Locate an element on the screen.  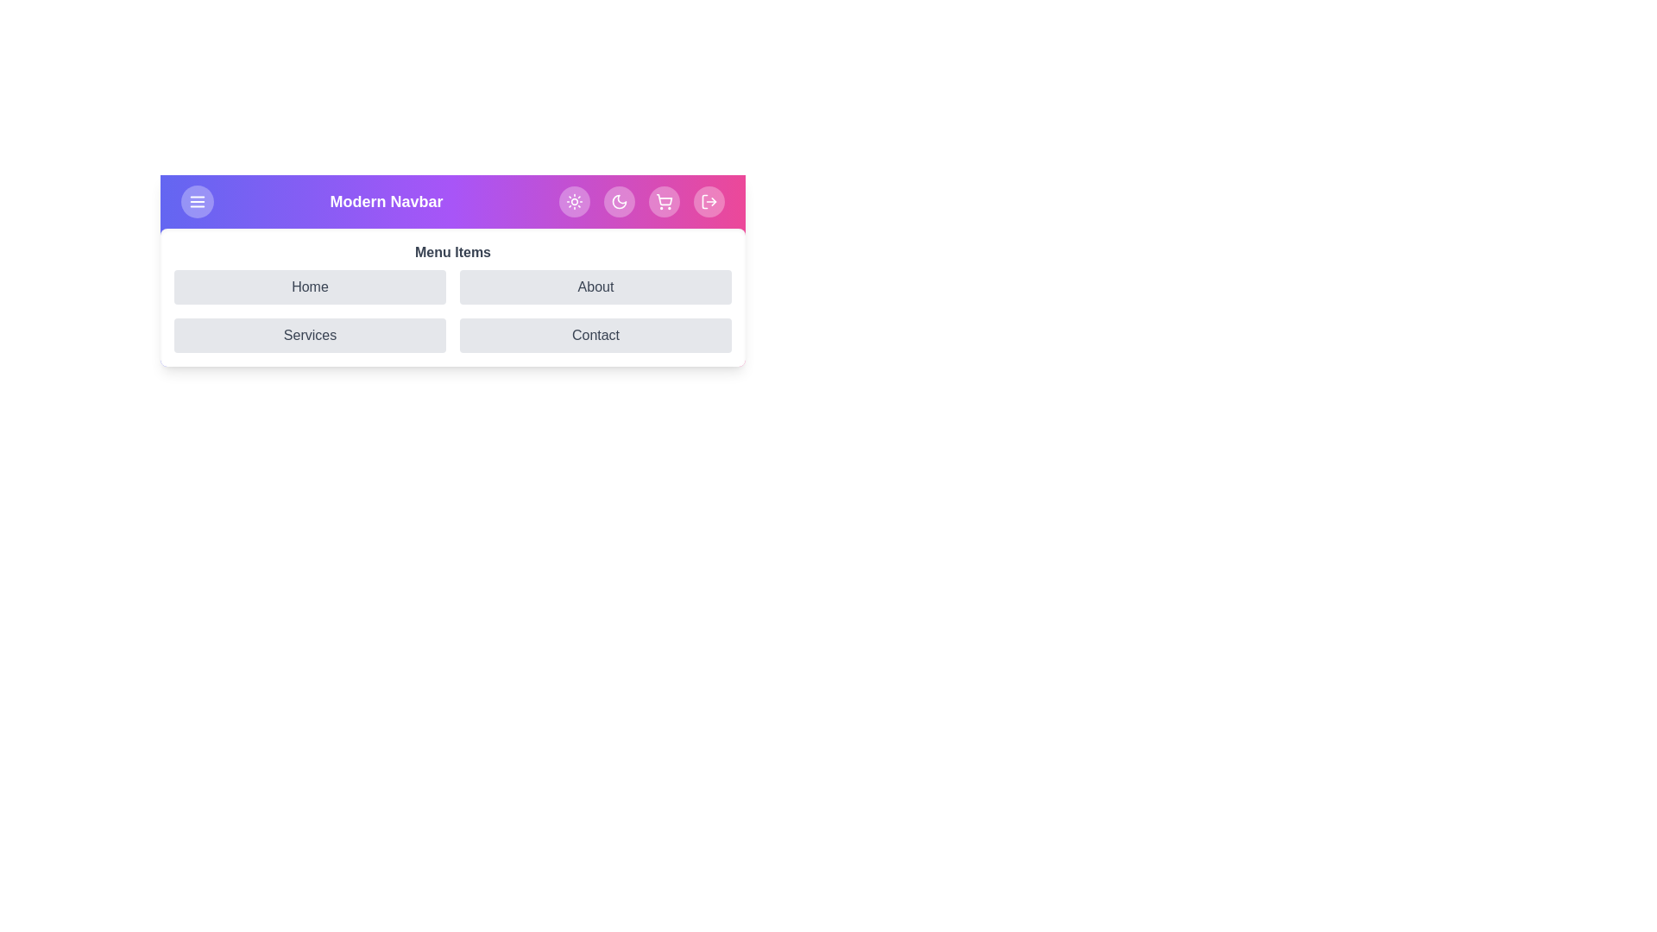
the 'About' menu item is located at coordinates (595, 286).